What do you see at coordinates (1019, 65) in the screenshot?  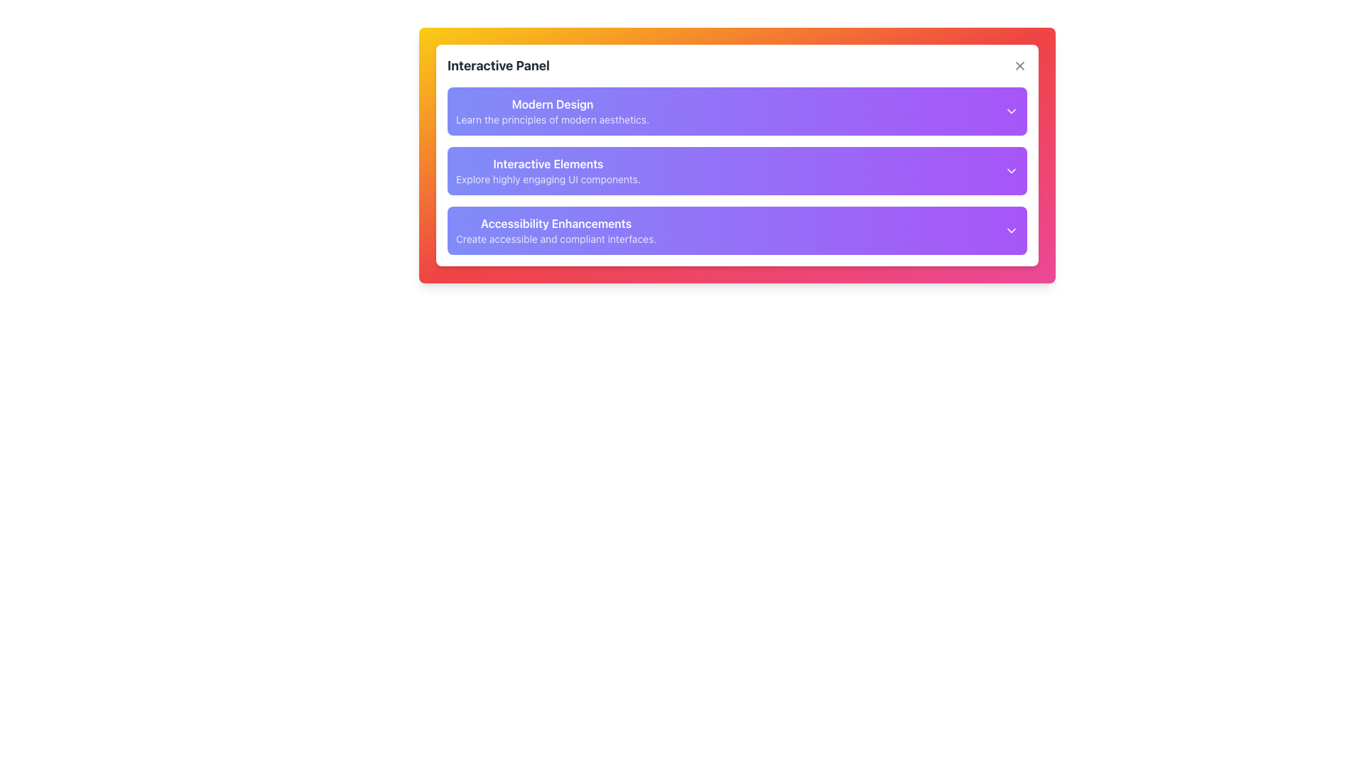 I see `the close button located in the top-right corner of the 'Interactive Panel' header to change its color` at bounding box center [1019, 65].